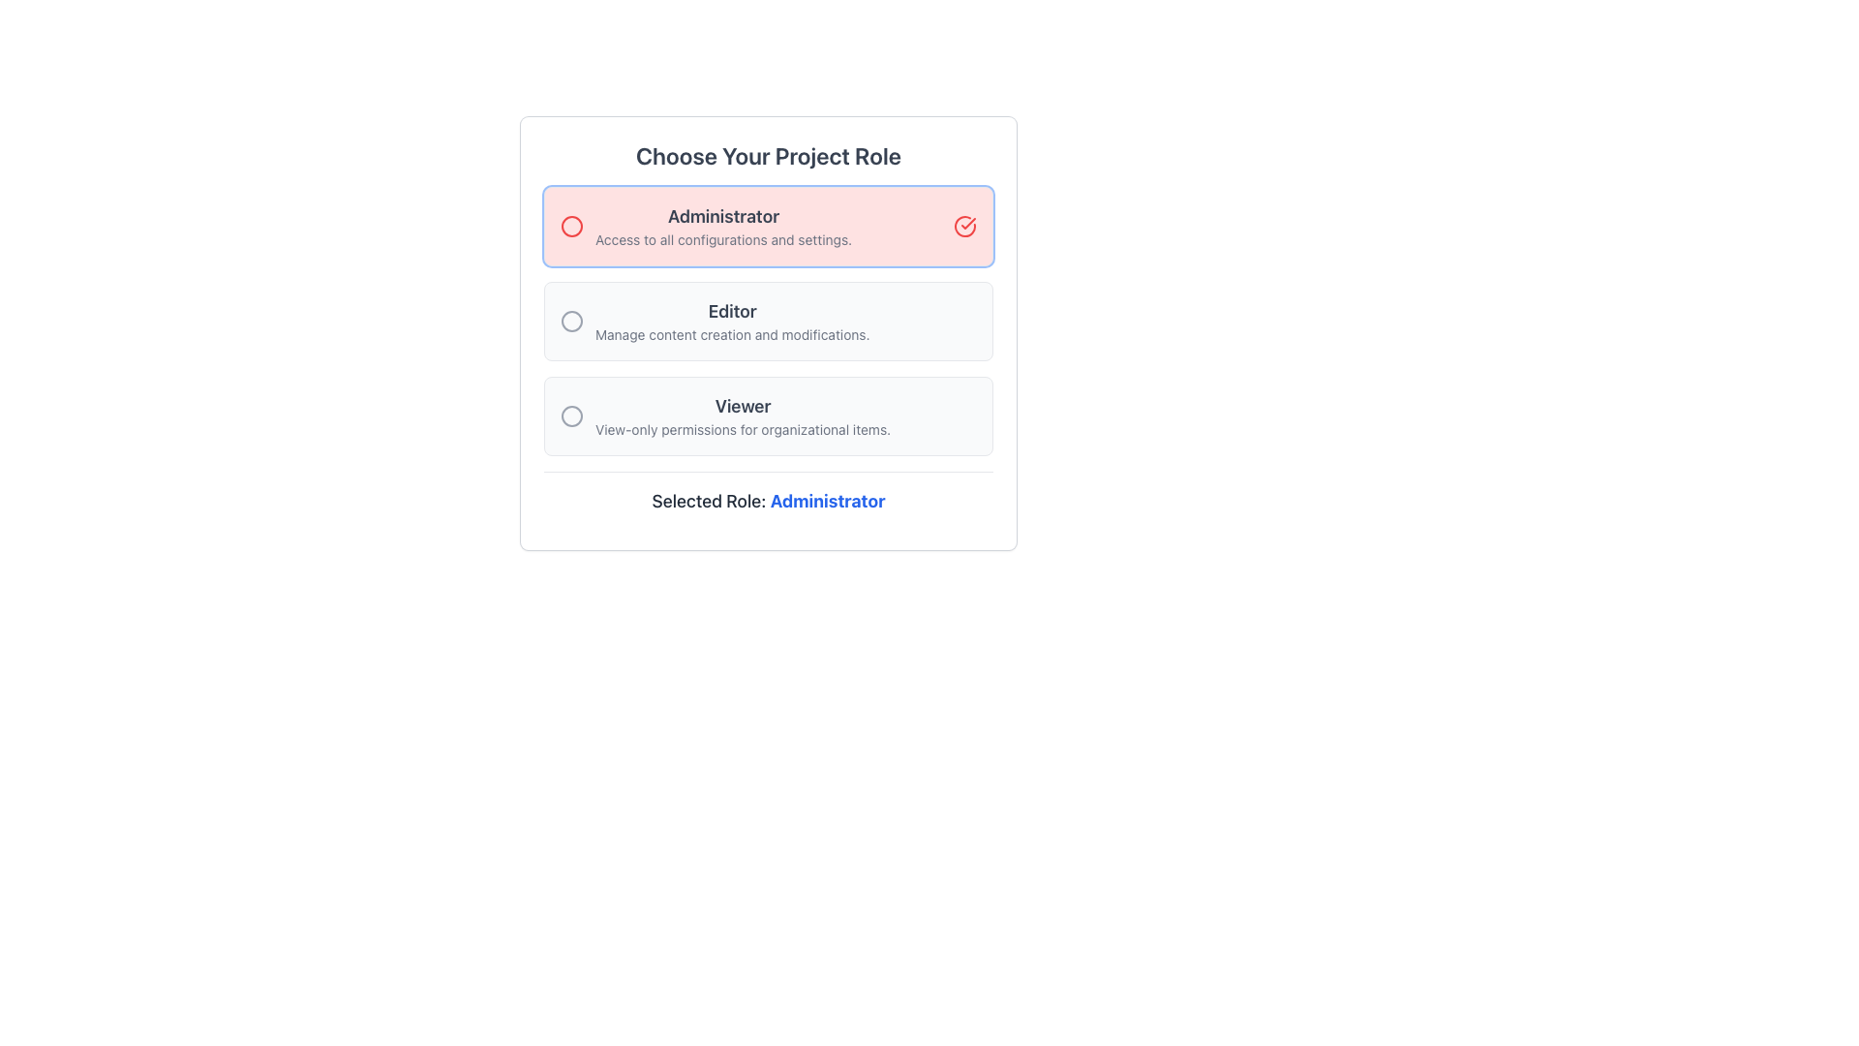 The width and height of the screenshot is (1859, 1046). Describe the element at coordinates (714, 320) in the screenshot. I see `the 'Editor' role option, which has a circular unselected radio button` at that location.